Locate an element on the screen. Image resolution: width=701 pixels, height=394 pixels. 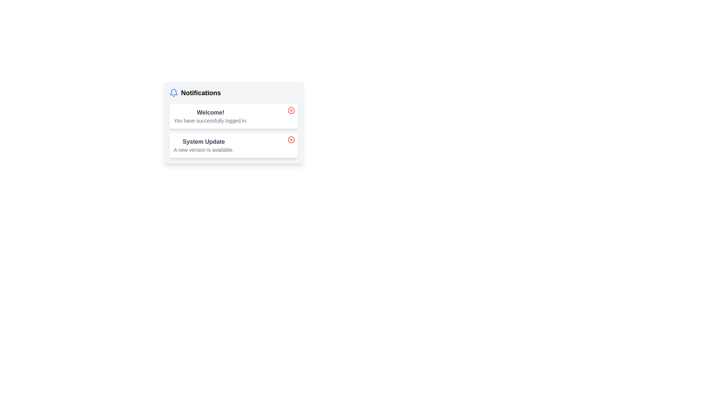
the Notification card indicating a successful login event, which includes a dismiss button 'X' located at the center of the notification card is located at coordinates (233, 116).